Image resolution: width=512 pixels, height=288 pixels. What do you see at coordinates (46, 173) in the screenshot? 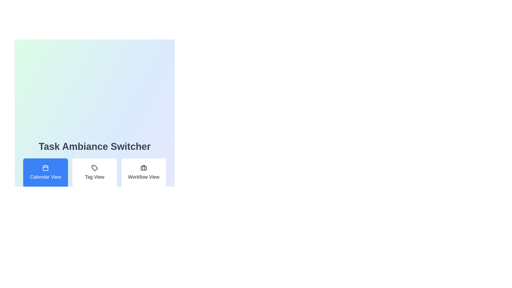
I see `the leftmost button labeled 'Calendar View' in the 'Task Ambiance Switcher' section to trigger a tooltip or visual effect` at bounding box center [46, 173].